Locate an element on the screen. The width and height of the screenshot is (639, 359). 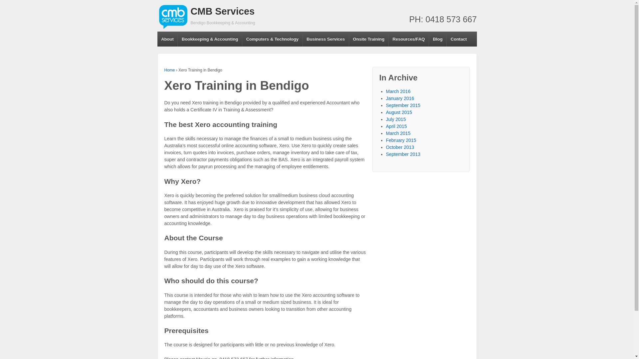
'Contact' is located at coordinates (458, 39).